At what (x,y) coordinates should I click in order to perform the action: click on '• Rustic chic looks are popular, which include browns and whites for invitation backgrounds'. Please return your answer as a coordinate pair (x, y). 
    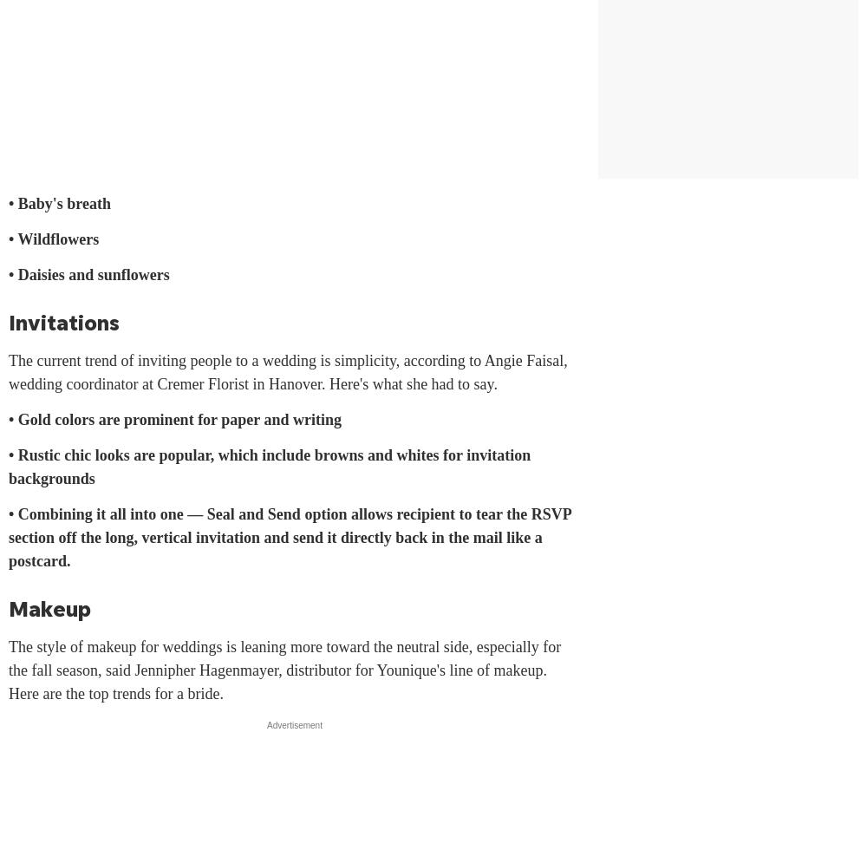
    Looking at the image, I should click on (9, 467).